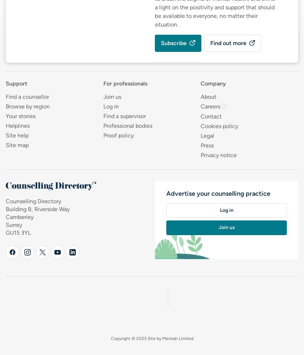  I want to click on 'Cookies policy', so click(219, 125).